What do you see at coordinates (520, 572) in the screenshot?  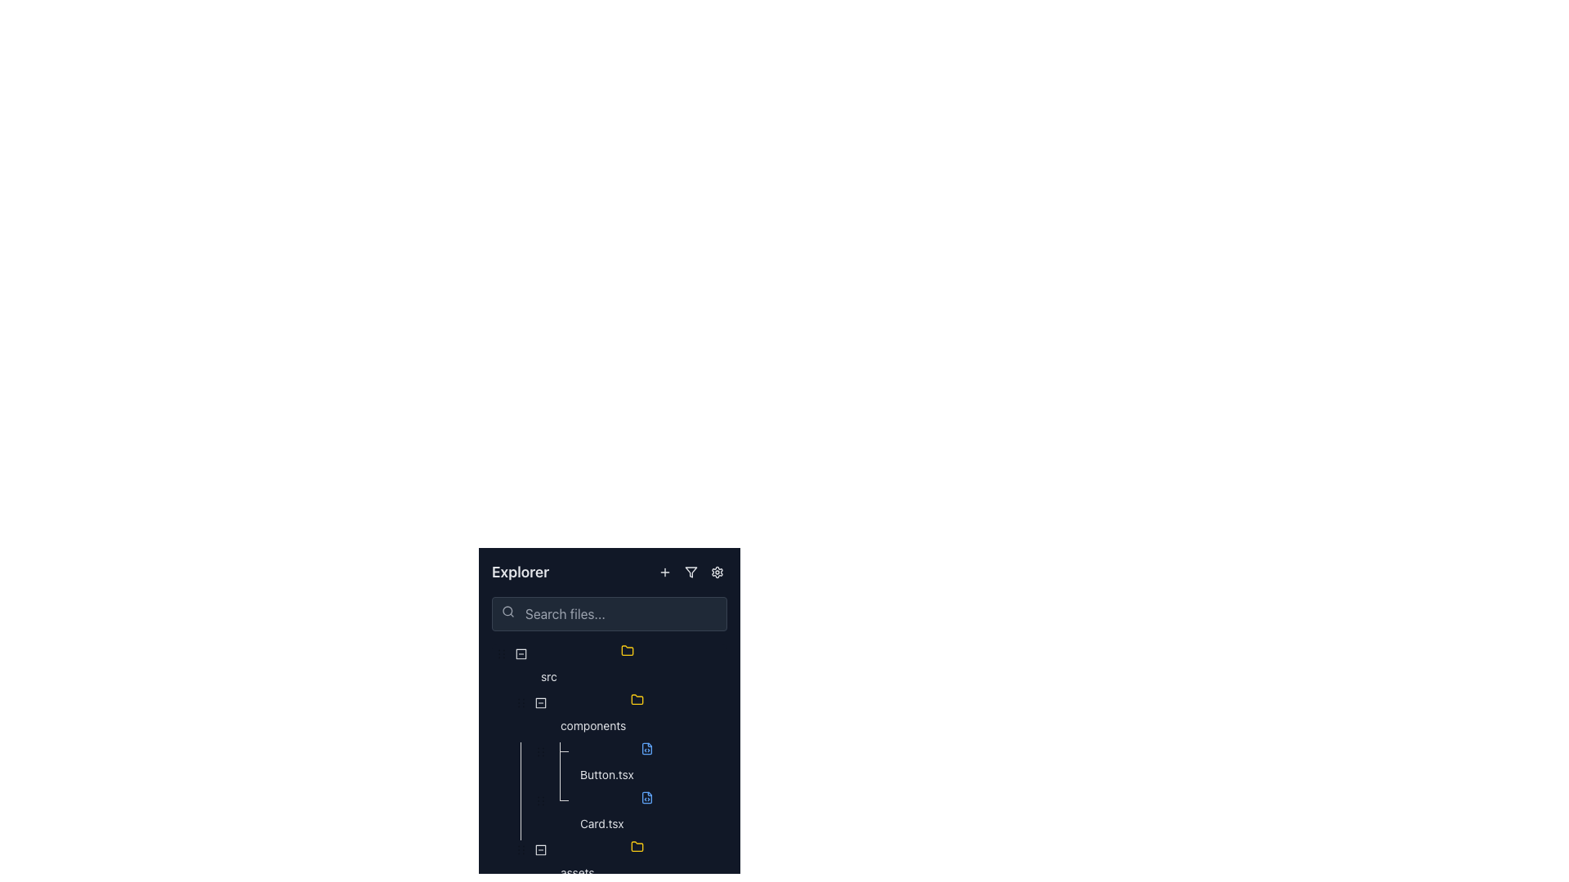 I see `the prominent 'Explorer' text label, which is styled with a larger font size and bold weight, located in the upper-left corner of its section in a dark-themed interface` at bounding box center [520, 572].